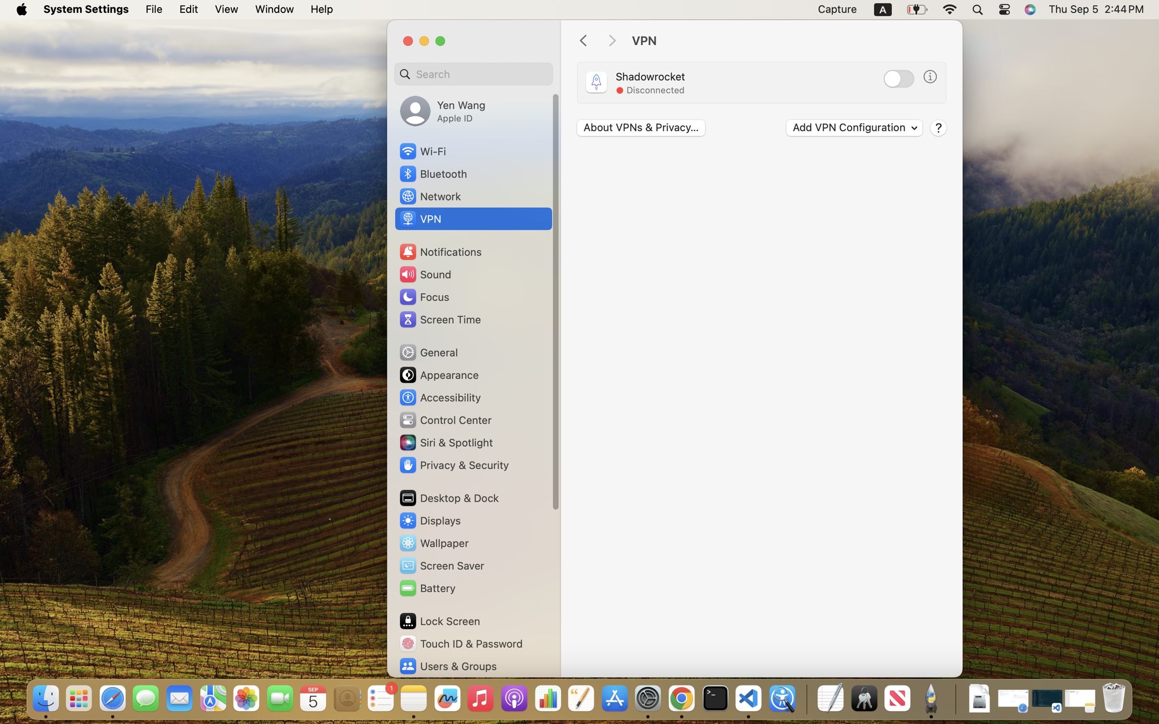 This screenshot has height=724, width=1159. Describe the element at coordinates (423, 296) in the screenshot. I see `'Focus'` at that location.